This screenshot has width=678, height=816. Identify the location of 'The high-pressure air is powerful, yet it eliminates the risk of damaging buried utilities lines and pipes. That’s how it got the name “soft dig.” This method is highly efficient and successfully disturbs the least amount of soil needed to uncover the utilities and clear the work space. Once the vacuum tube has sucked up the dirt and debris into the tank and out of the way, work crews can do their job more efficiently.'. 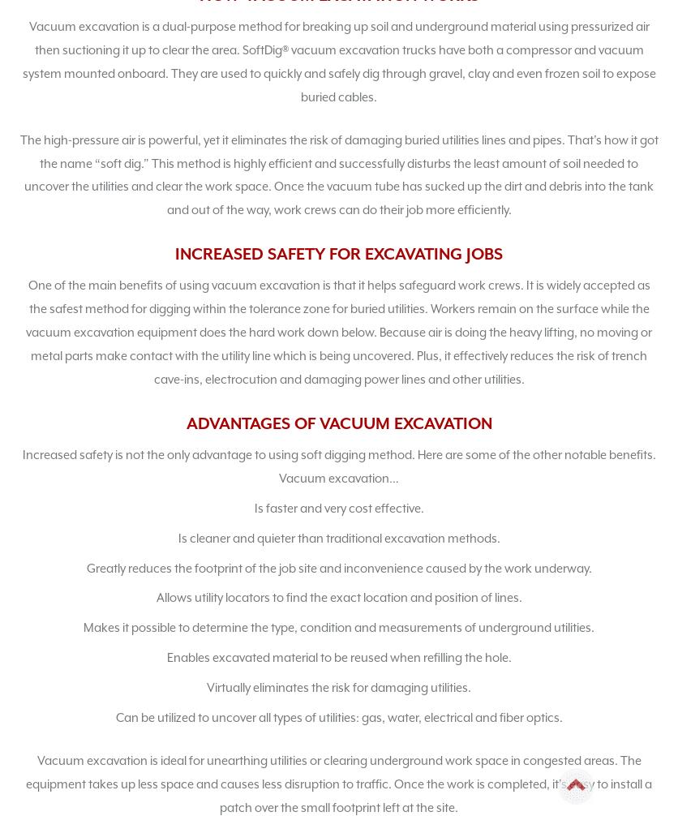
(337, 174).